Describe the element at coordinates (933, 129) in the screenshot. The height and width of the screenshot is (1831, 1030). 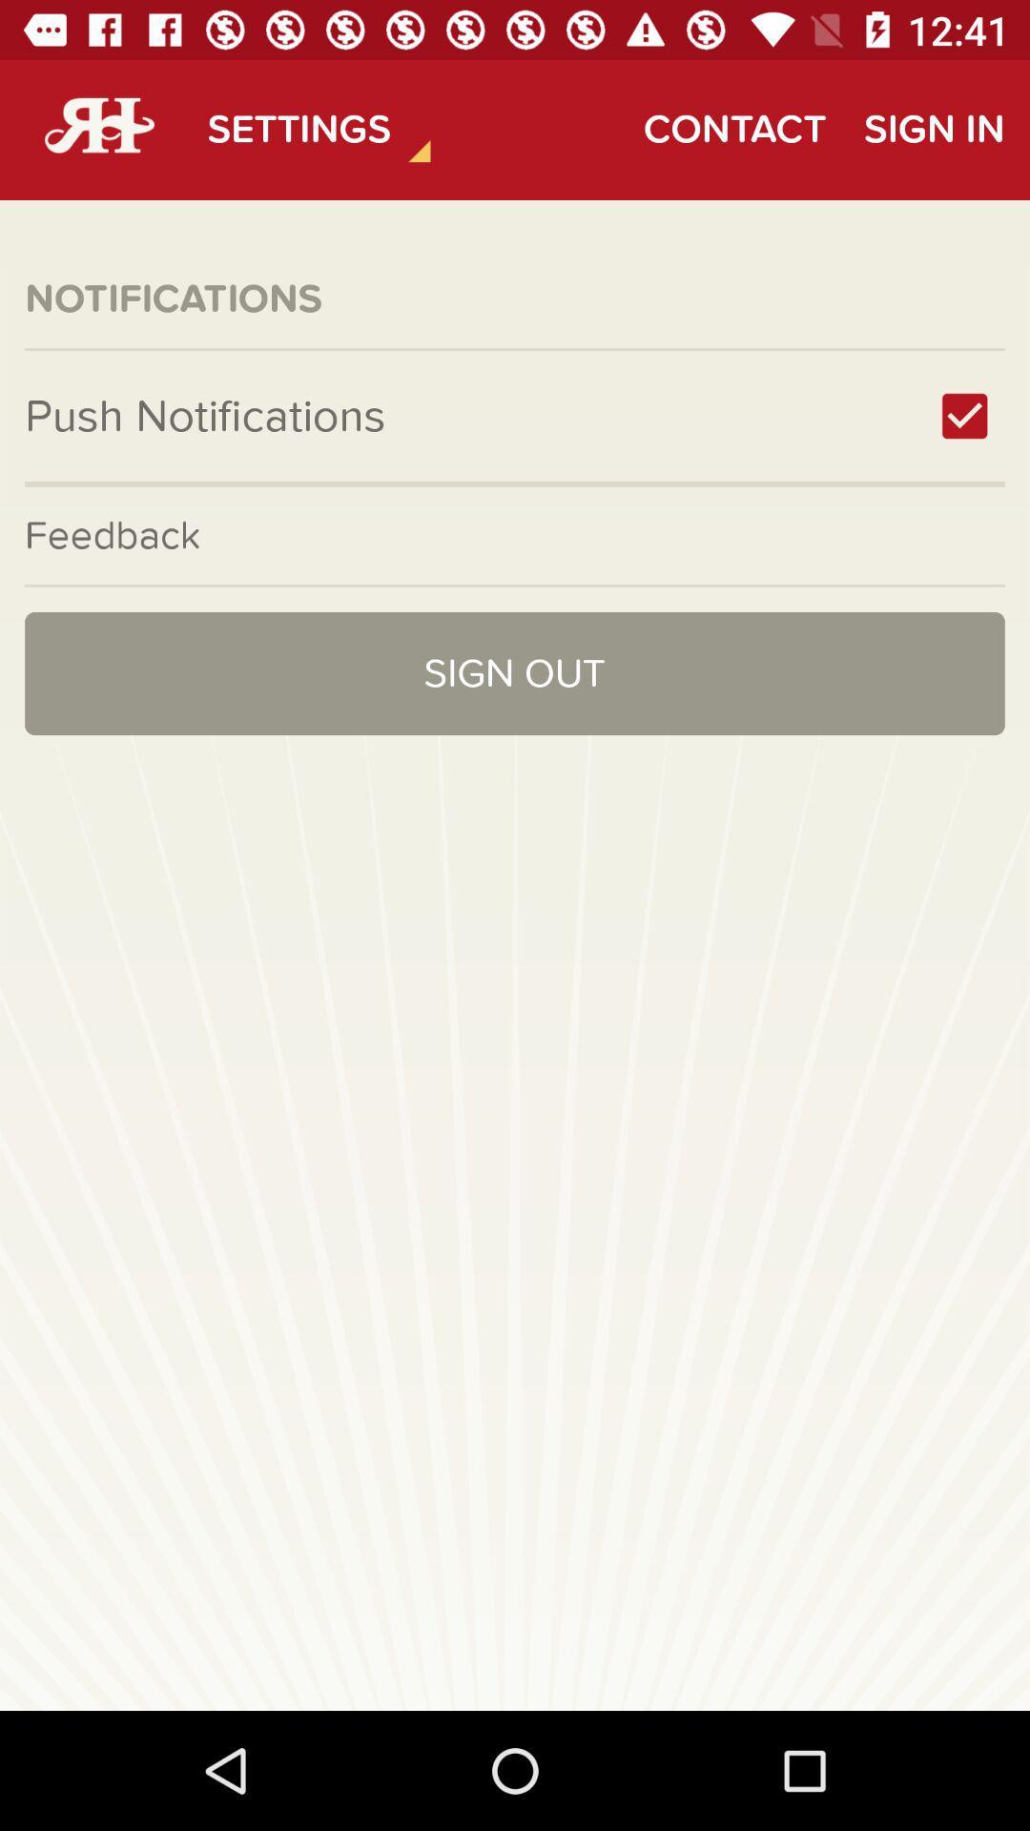
I see `item to the right of contact item` at that location.